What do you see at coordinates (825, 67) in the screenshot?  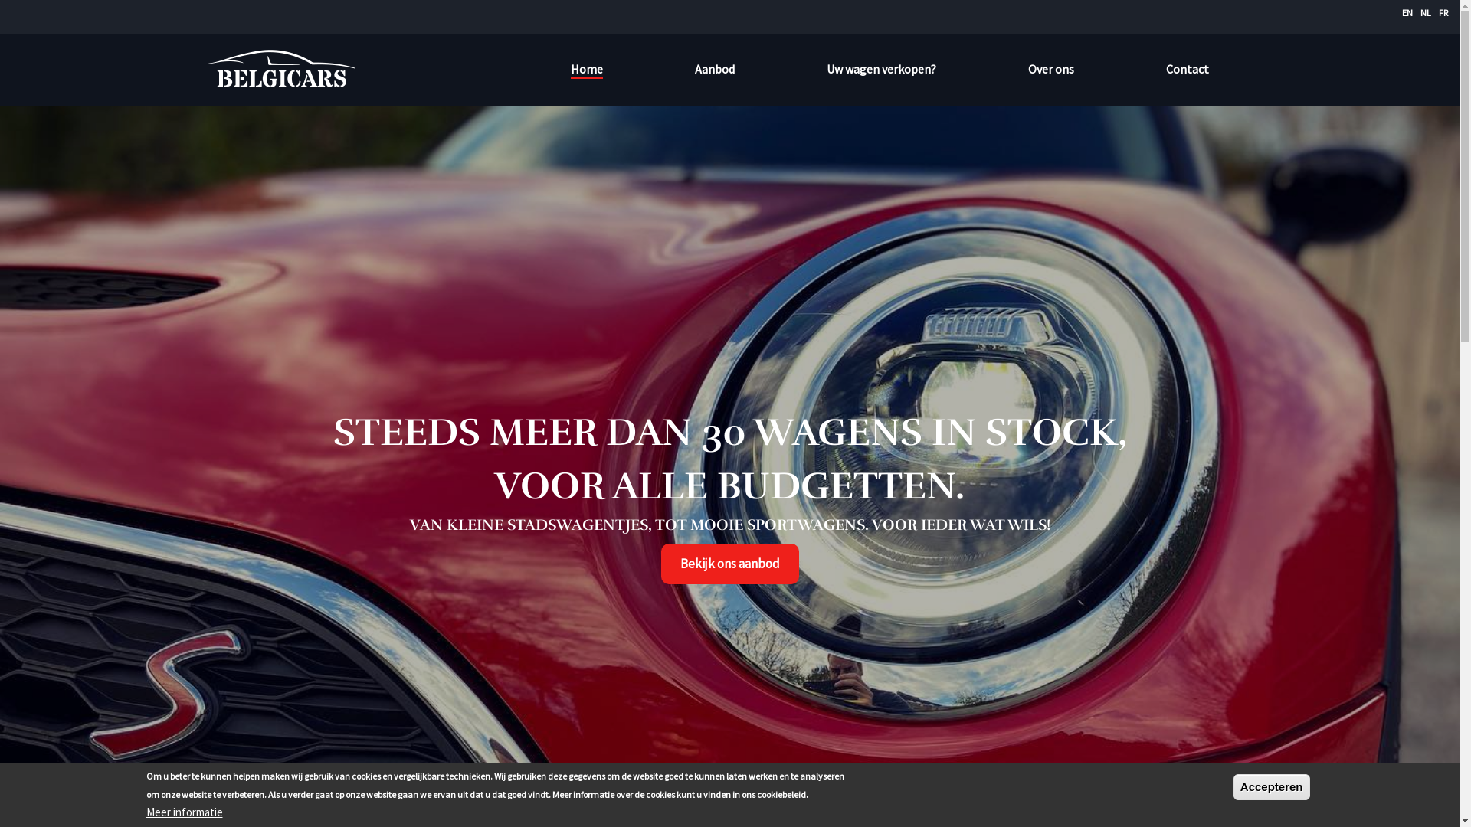 I see `'Uw wagen verkopen?'` at bounding box center [825, 67].